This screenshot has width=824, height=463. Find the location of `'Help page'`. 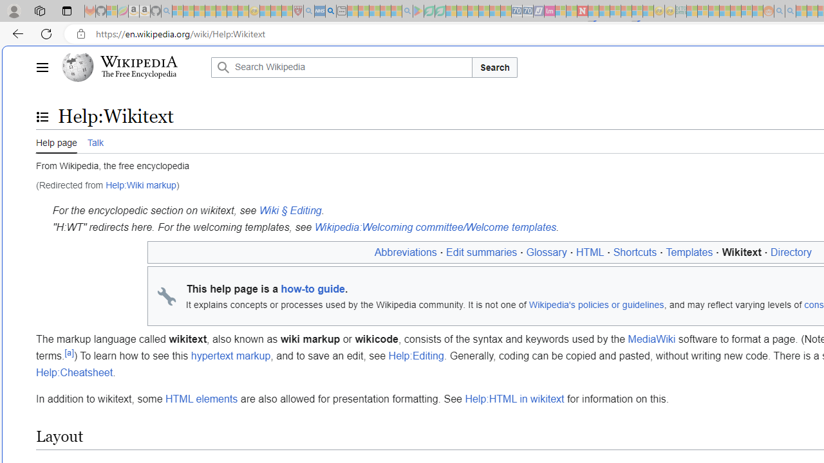

'Help page' is located at coordinates (56, 141).